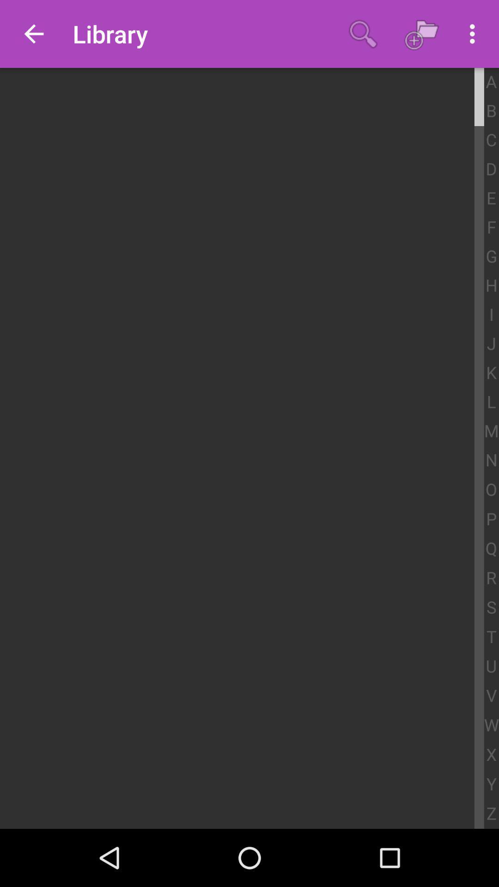  I want to click on icon next to the library, so click(363, 34).